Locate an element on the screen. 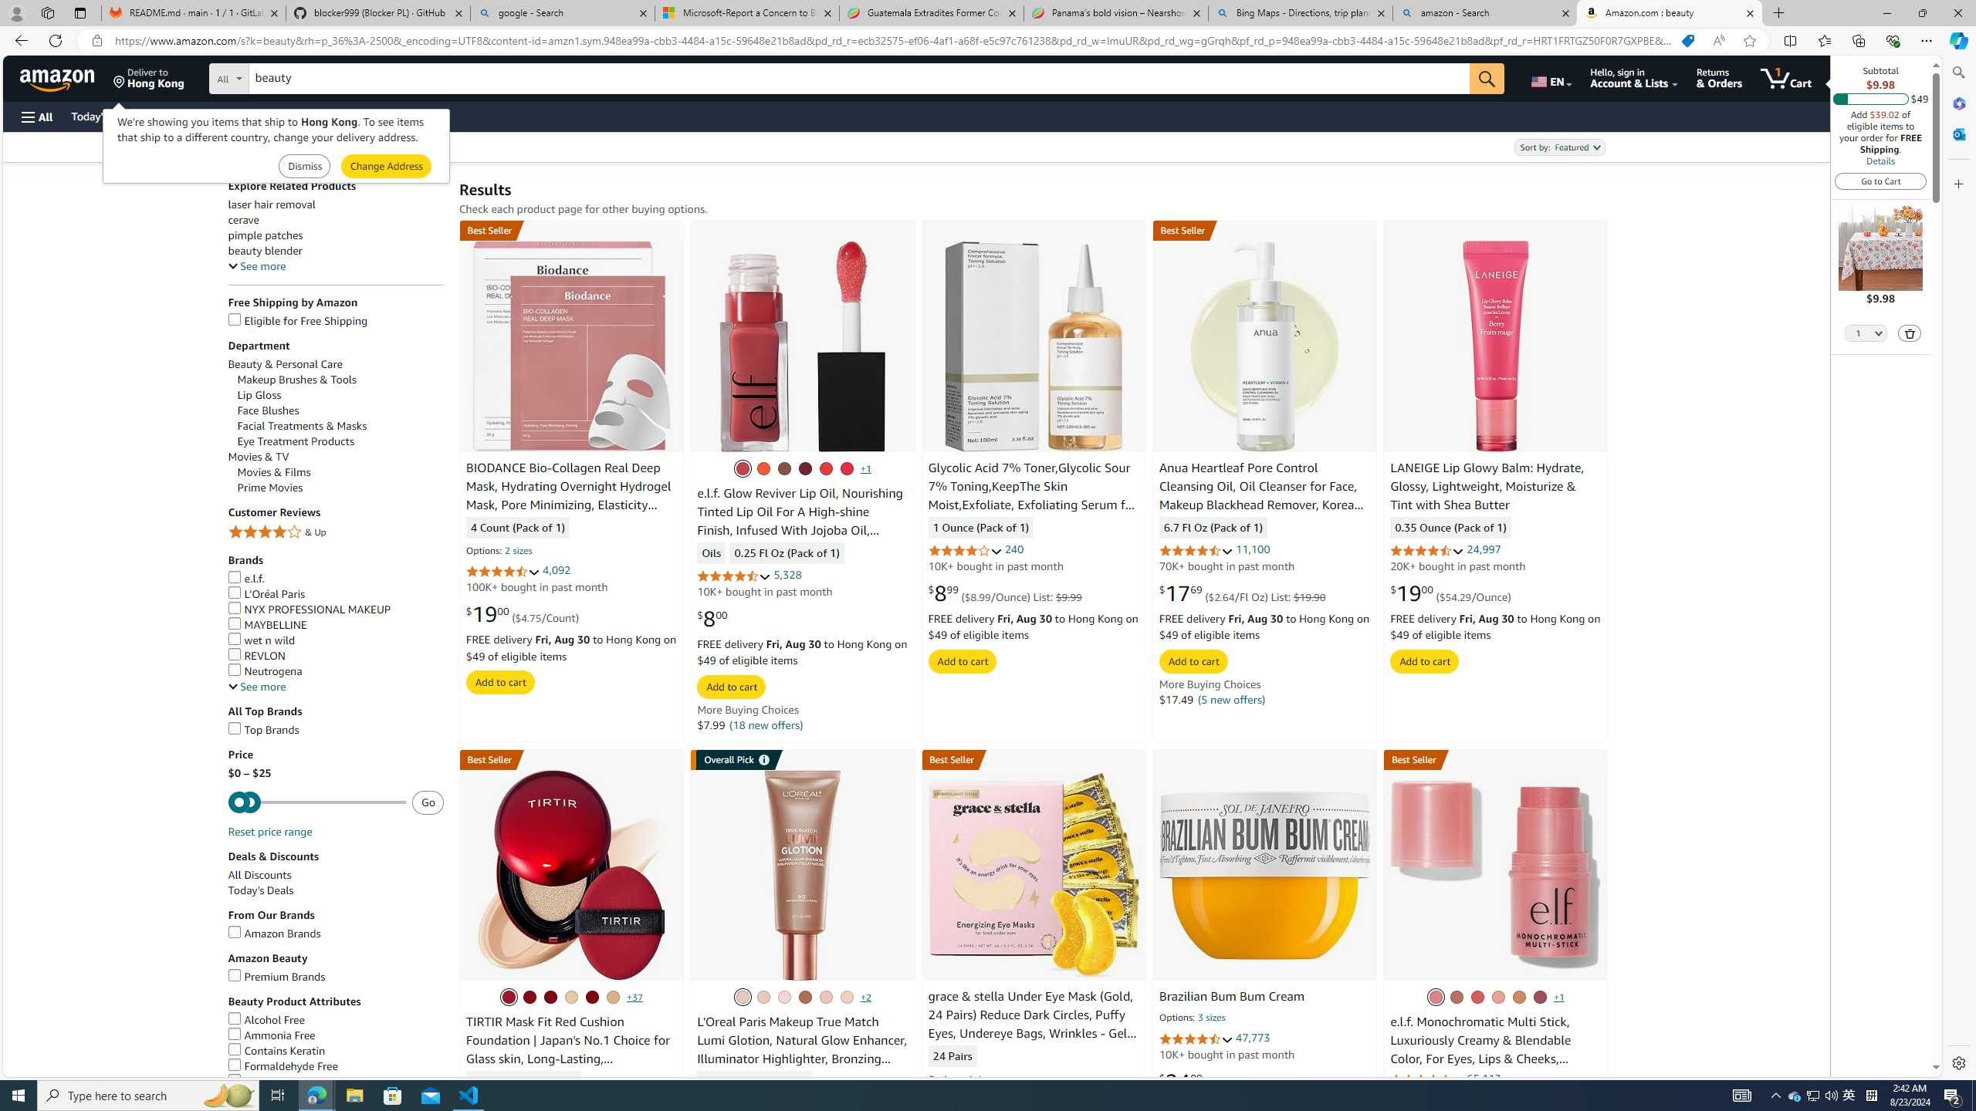  'Prime Movies' is located at coordinates (270, 487).